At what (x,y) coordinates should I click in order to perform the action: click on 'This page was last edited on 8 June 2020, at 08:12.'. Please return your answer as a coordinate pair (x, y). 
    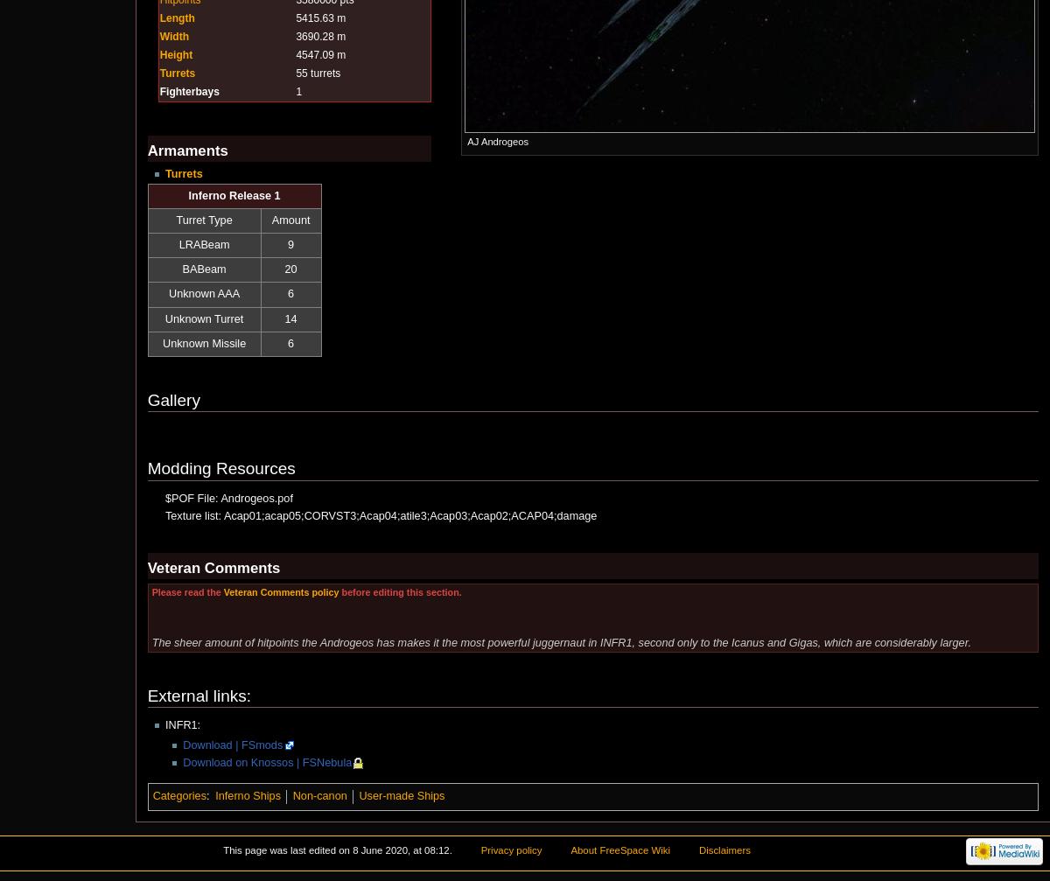
    Looking at the image, I should click on (337, 849).